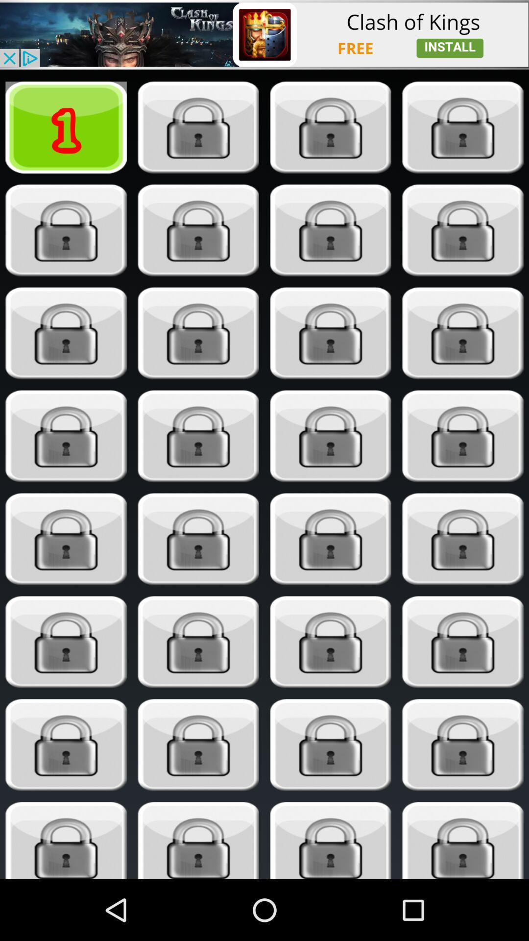 The height and width of the screenshot is (941, 529). I want to click on unlock button, so click(463, 230).